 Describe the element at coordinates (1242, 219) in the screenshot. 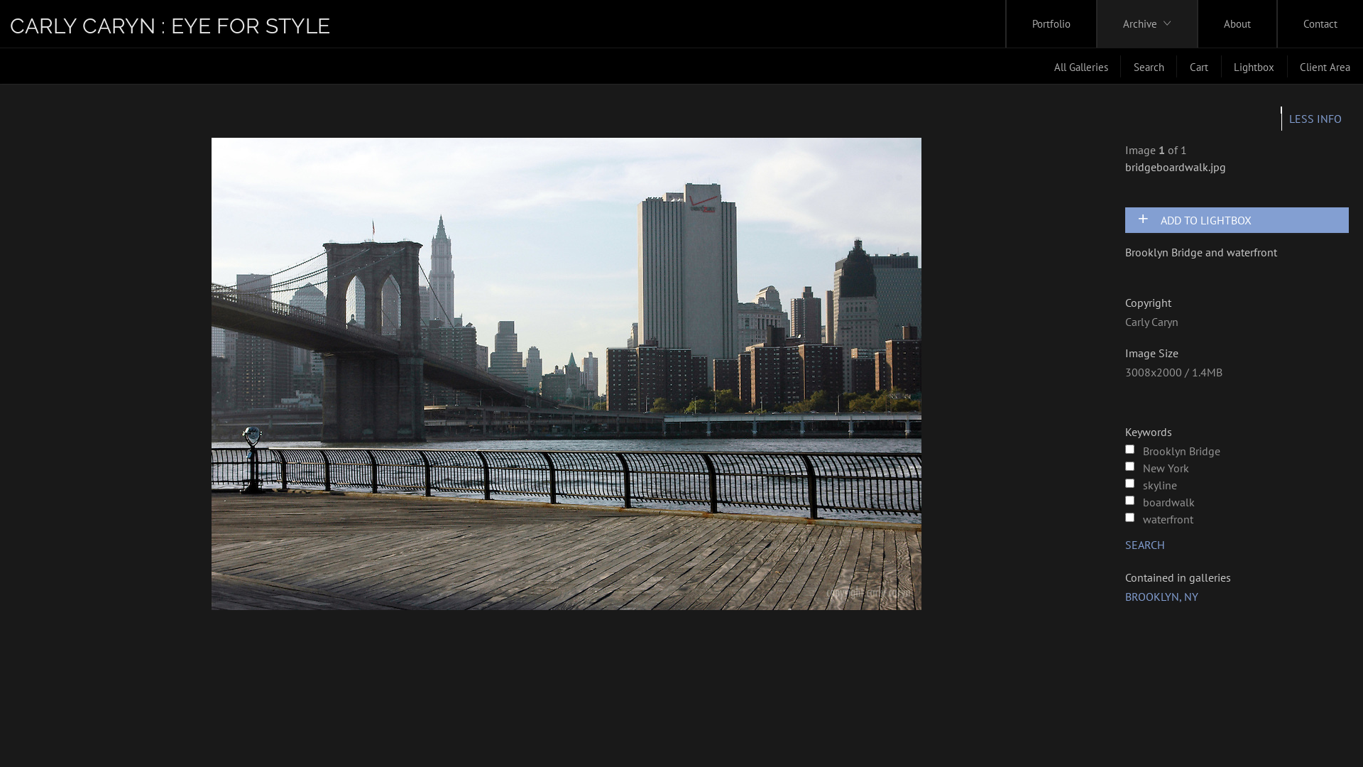

I see `'ADD TO LIGHTBOX'` at that location.